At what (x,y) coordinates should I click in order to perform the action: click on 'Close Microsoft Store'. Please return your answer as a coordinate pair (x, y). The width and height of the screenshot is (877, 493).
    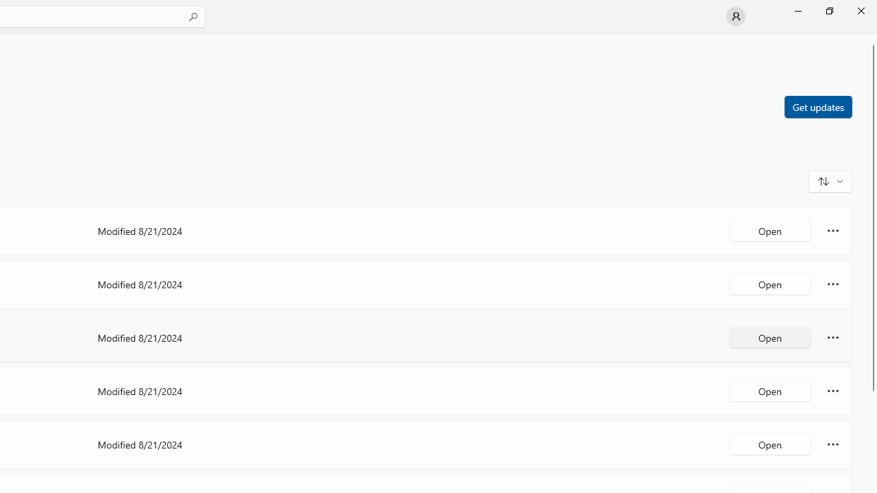
    Looking at the image, I should click on (860, 10).